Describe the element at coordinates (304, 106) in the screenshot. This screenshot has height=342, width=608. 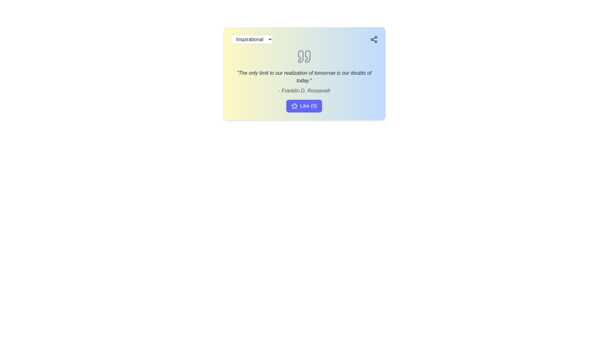
I see `the like button located at the bottom center of the card layout, which allows users to express approval for the content` at that location.